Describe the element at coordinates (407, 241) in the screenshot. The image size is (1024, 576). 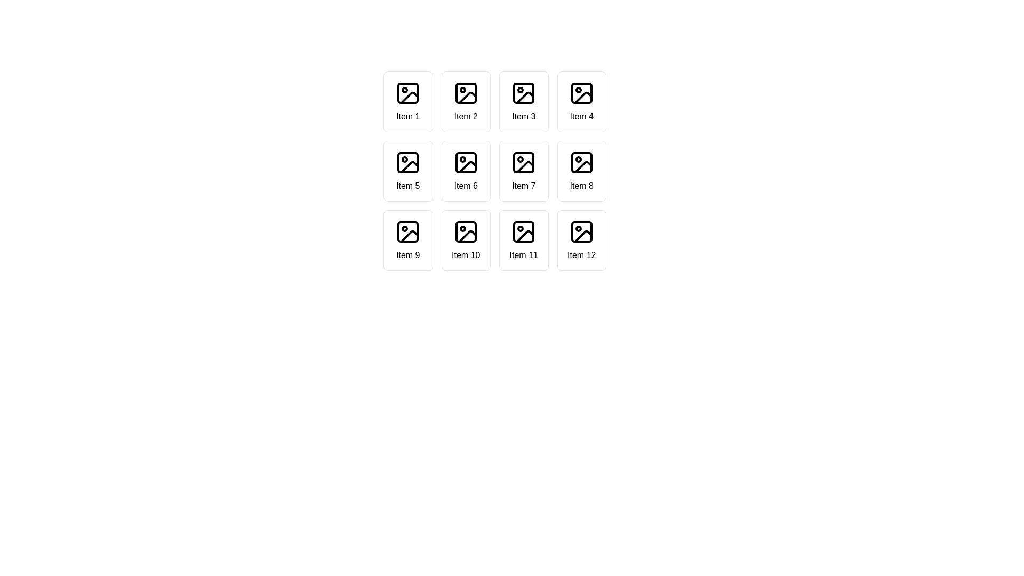
I see `the item card` at that location.